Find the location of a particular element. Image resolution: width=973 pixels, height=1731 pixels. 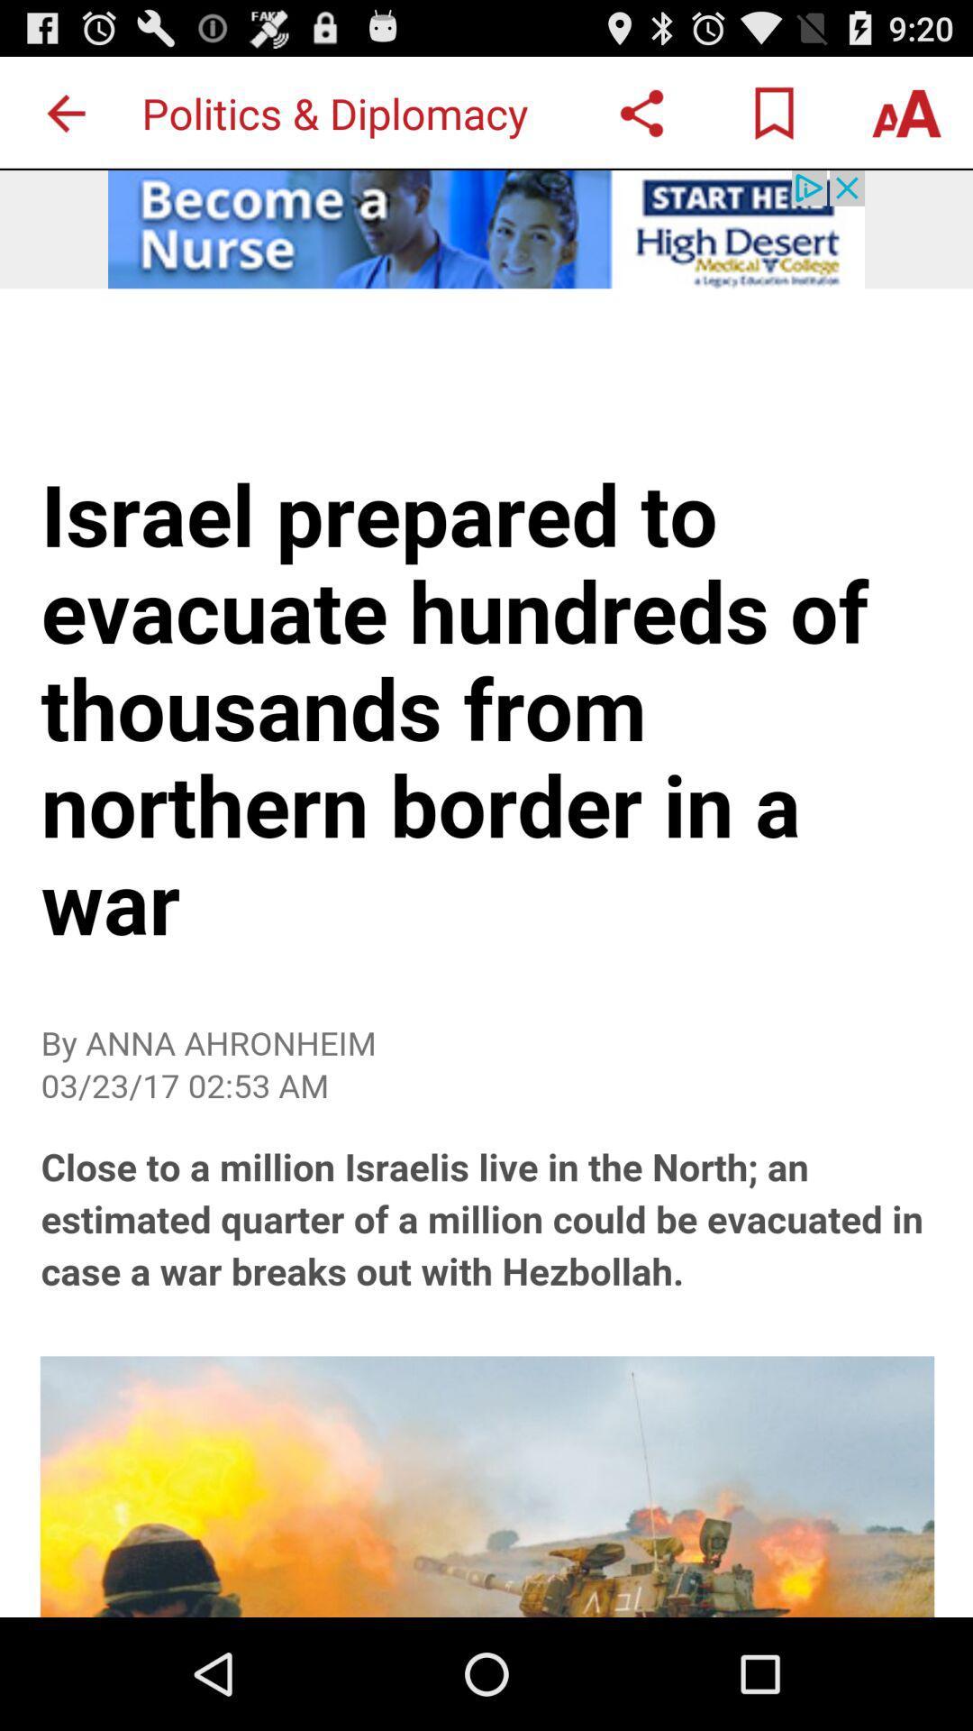

the article is located at coordinates (486, 1010).